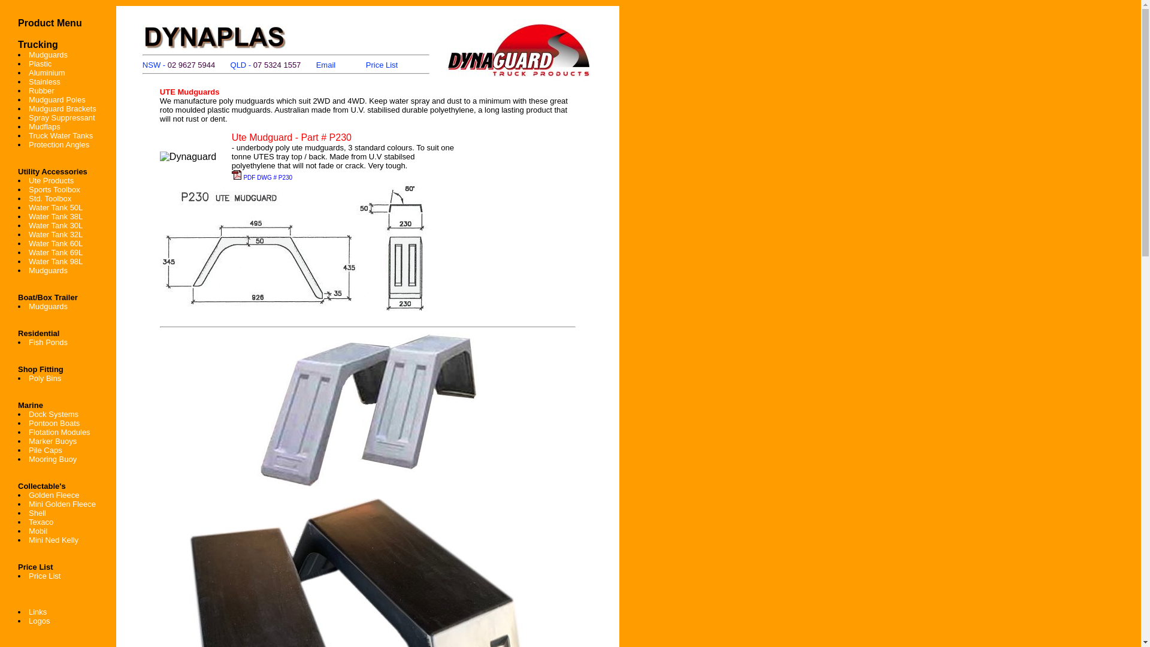 This screenshot has height=647, width=1150. I want to click on 'Pontoon Boats', so click(29, 422).